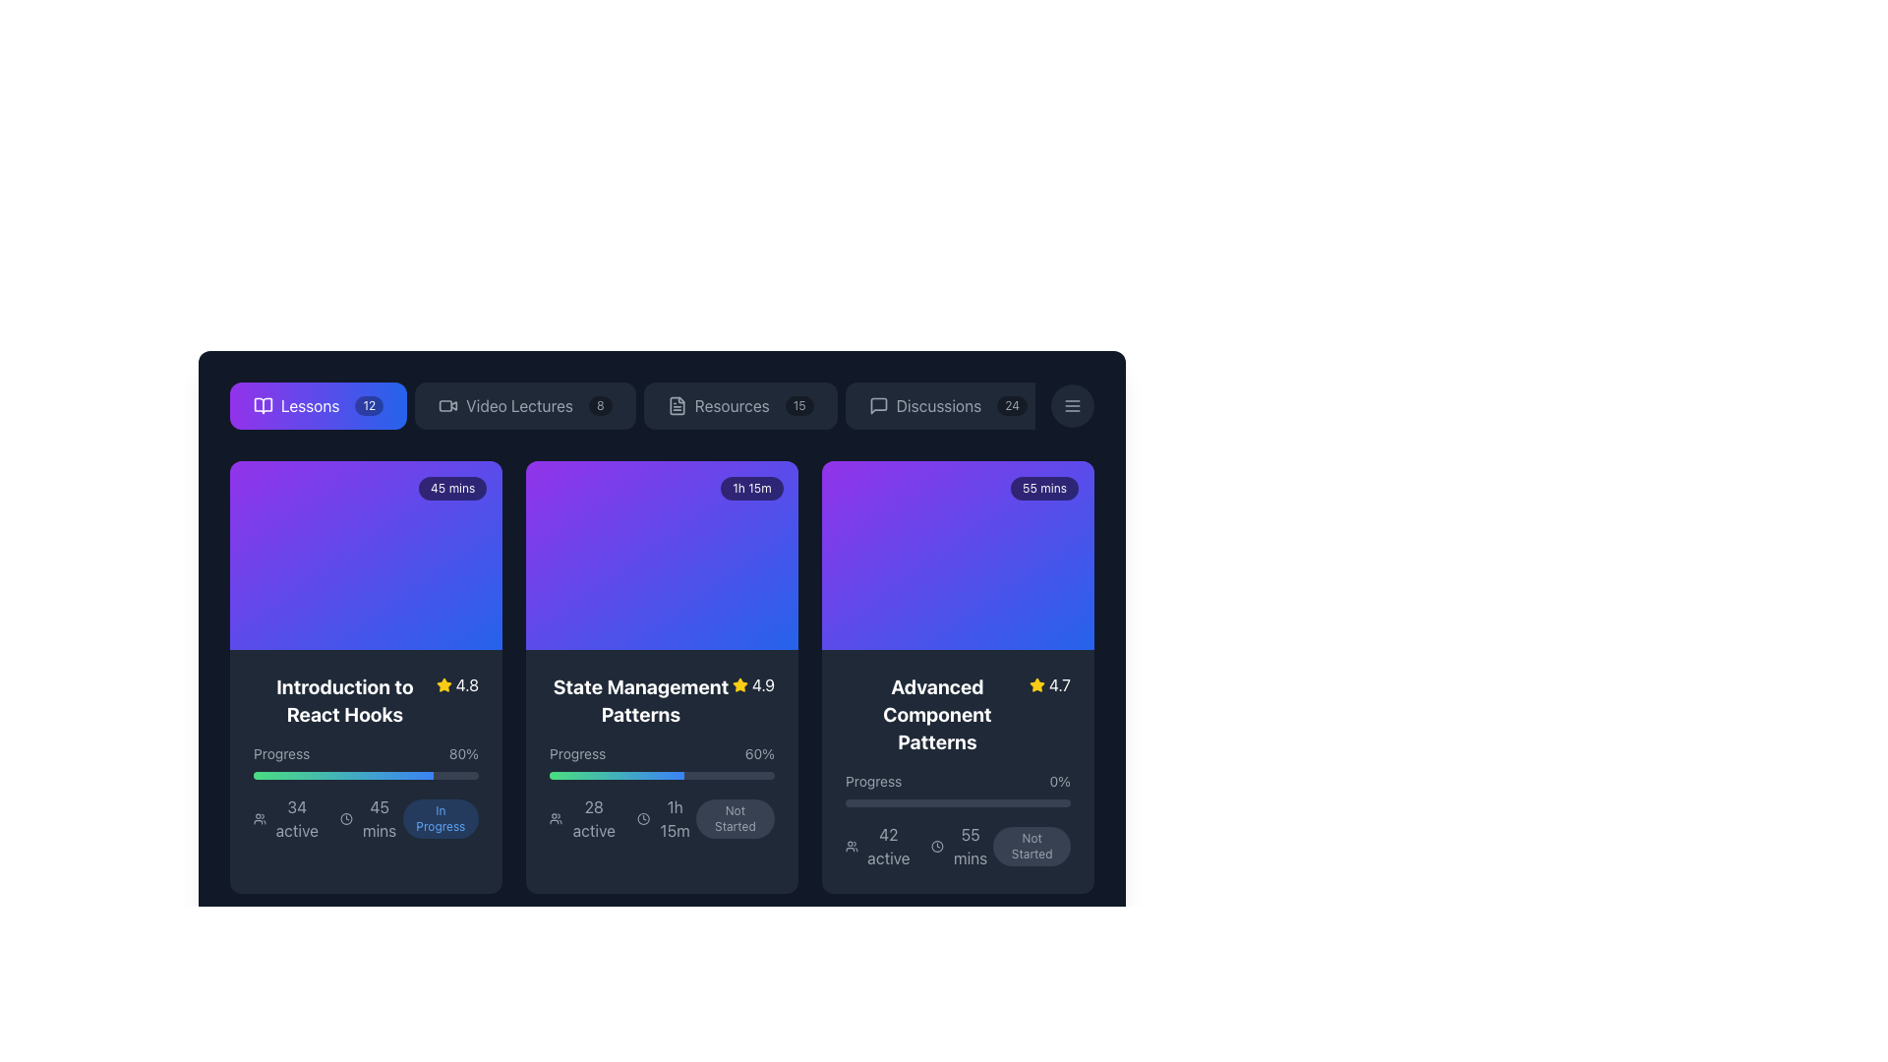  What do you see at coordinates (958, 845) in the screenshot?
I see `the informative group of labels displaying active users, time duration, and current state of the component at the bottom-right section of the 'Advanced Component Patterns' card` at bounding box center [958, 845].